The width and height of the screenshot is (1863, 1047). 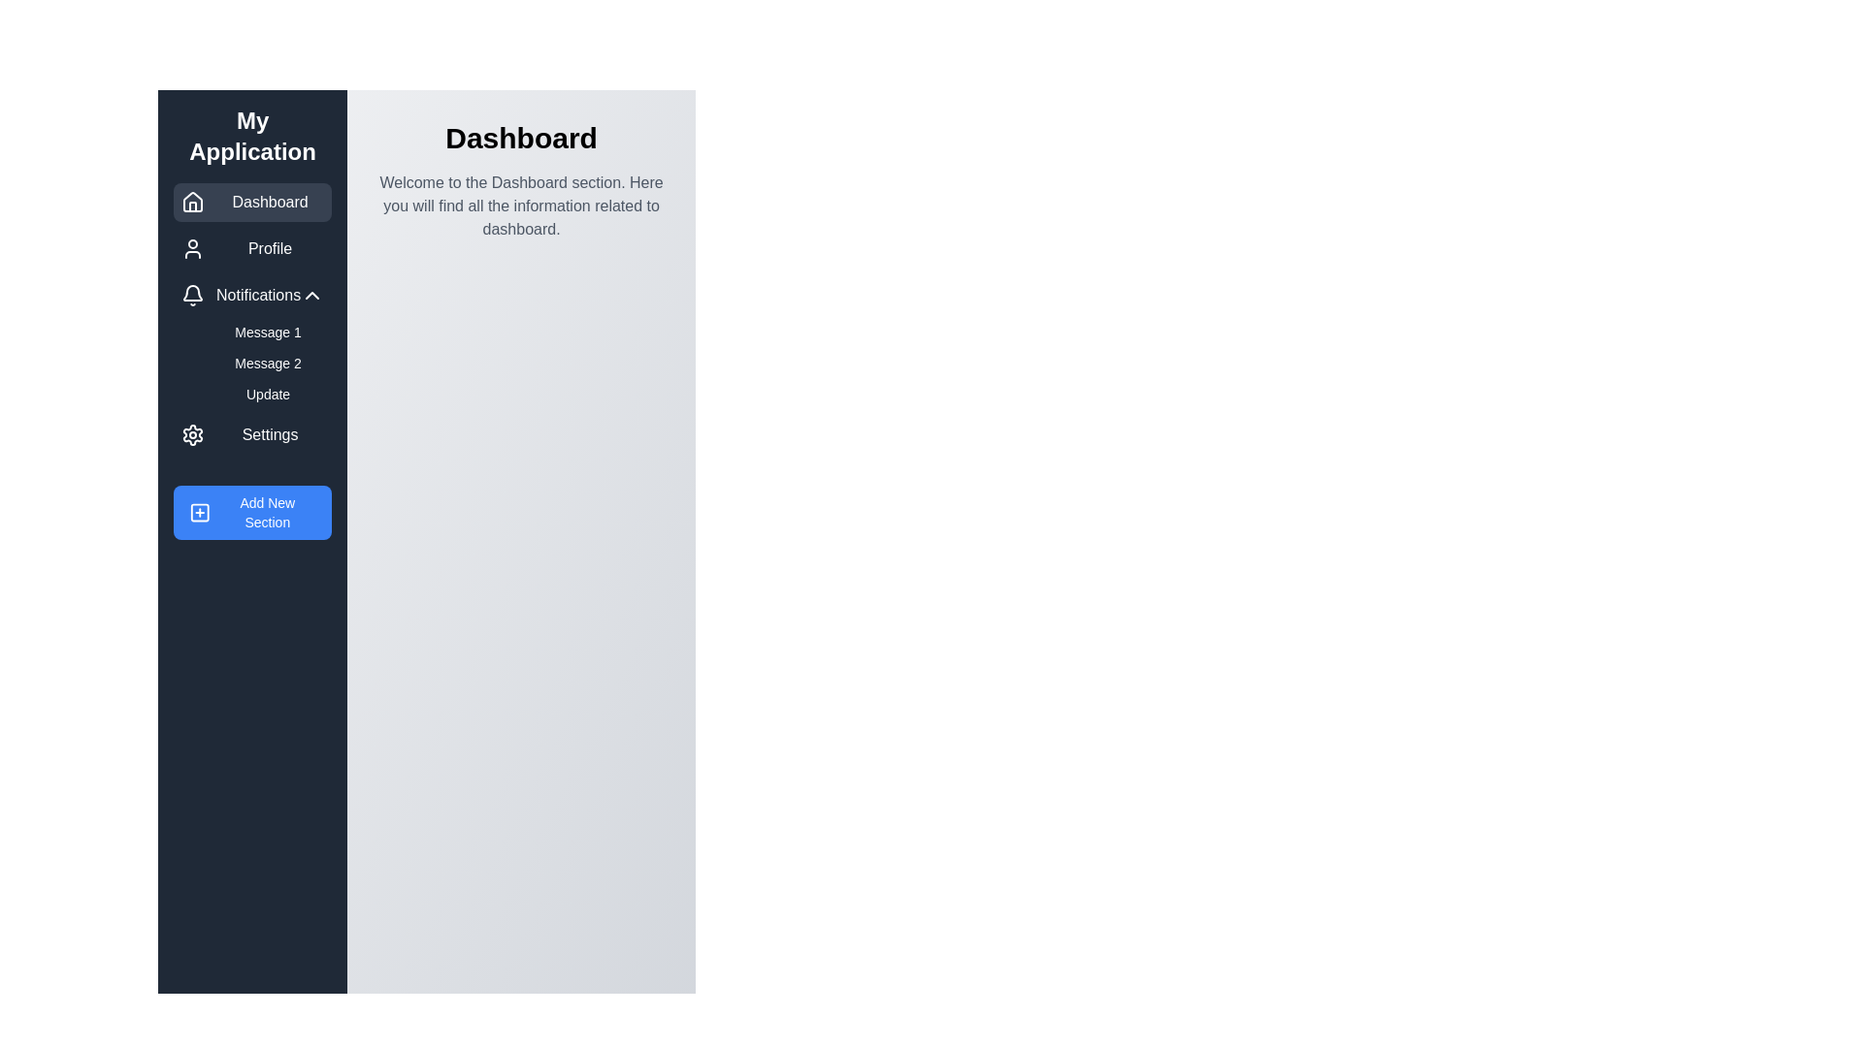 What do you see at coordinates (269, 202) in the screenshot?
I see `the 'Dashboard' text label within the sidebar menu, which is styled with a white font on a dark background and is the first item under the 'My Application' section` at bounding box center [269, 202].